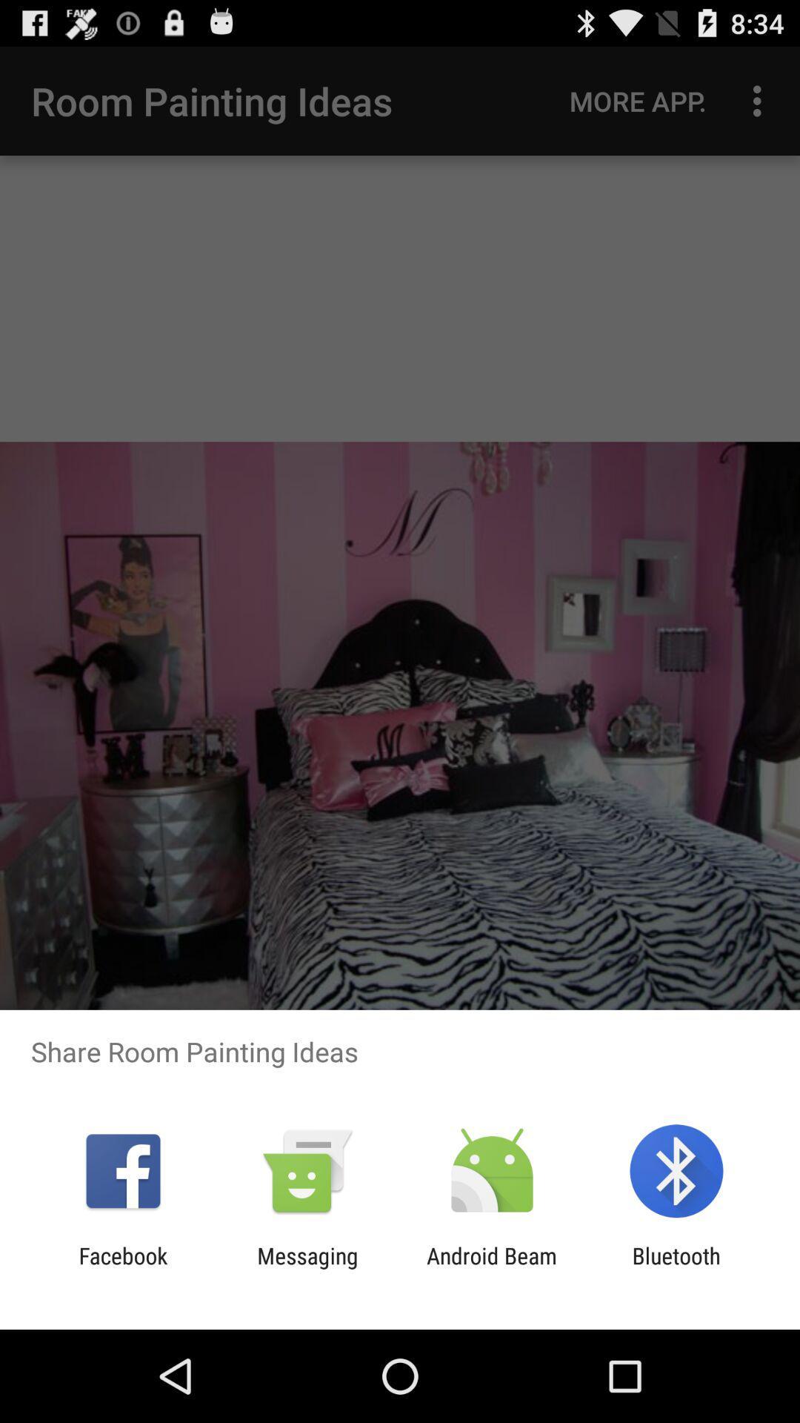 The width and height of the screenshot is (800, 1423). I want to click on the android beam app, so click(492, 1268).